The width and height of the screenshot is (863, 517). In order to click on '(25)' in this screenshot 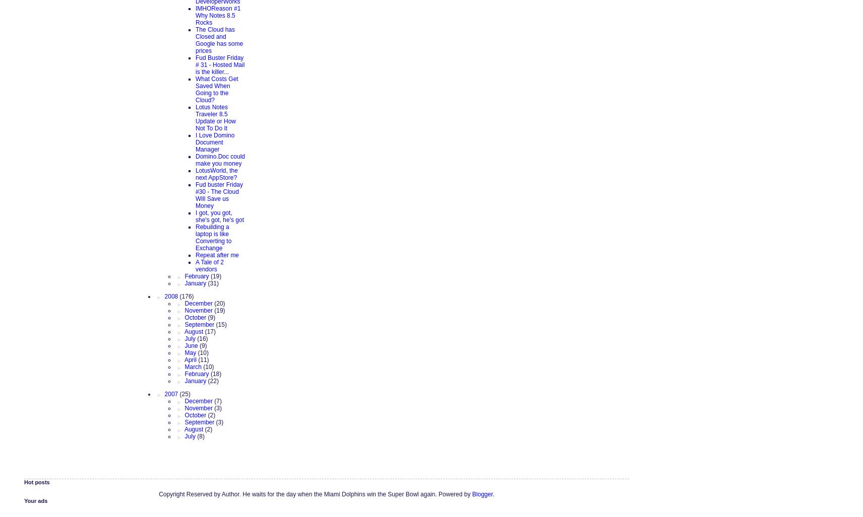, I will do `click(179, 393)`.